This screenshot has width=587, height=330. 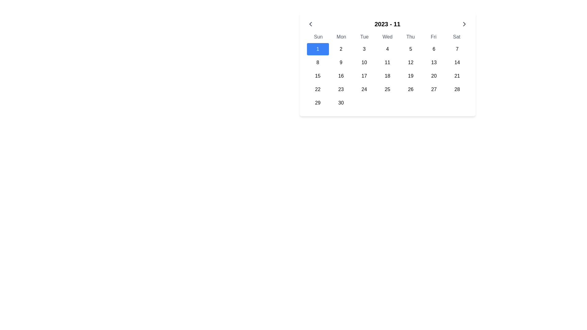 I want to click on the button representing the 27th day of the month in the calendar interface, so click(x=434, y=90).